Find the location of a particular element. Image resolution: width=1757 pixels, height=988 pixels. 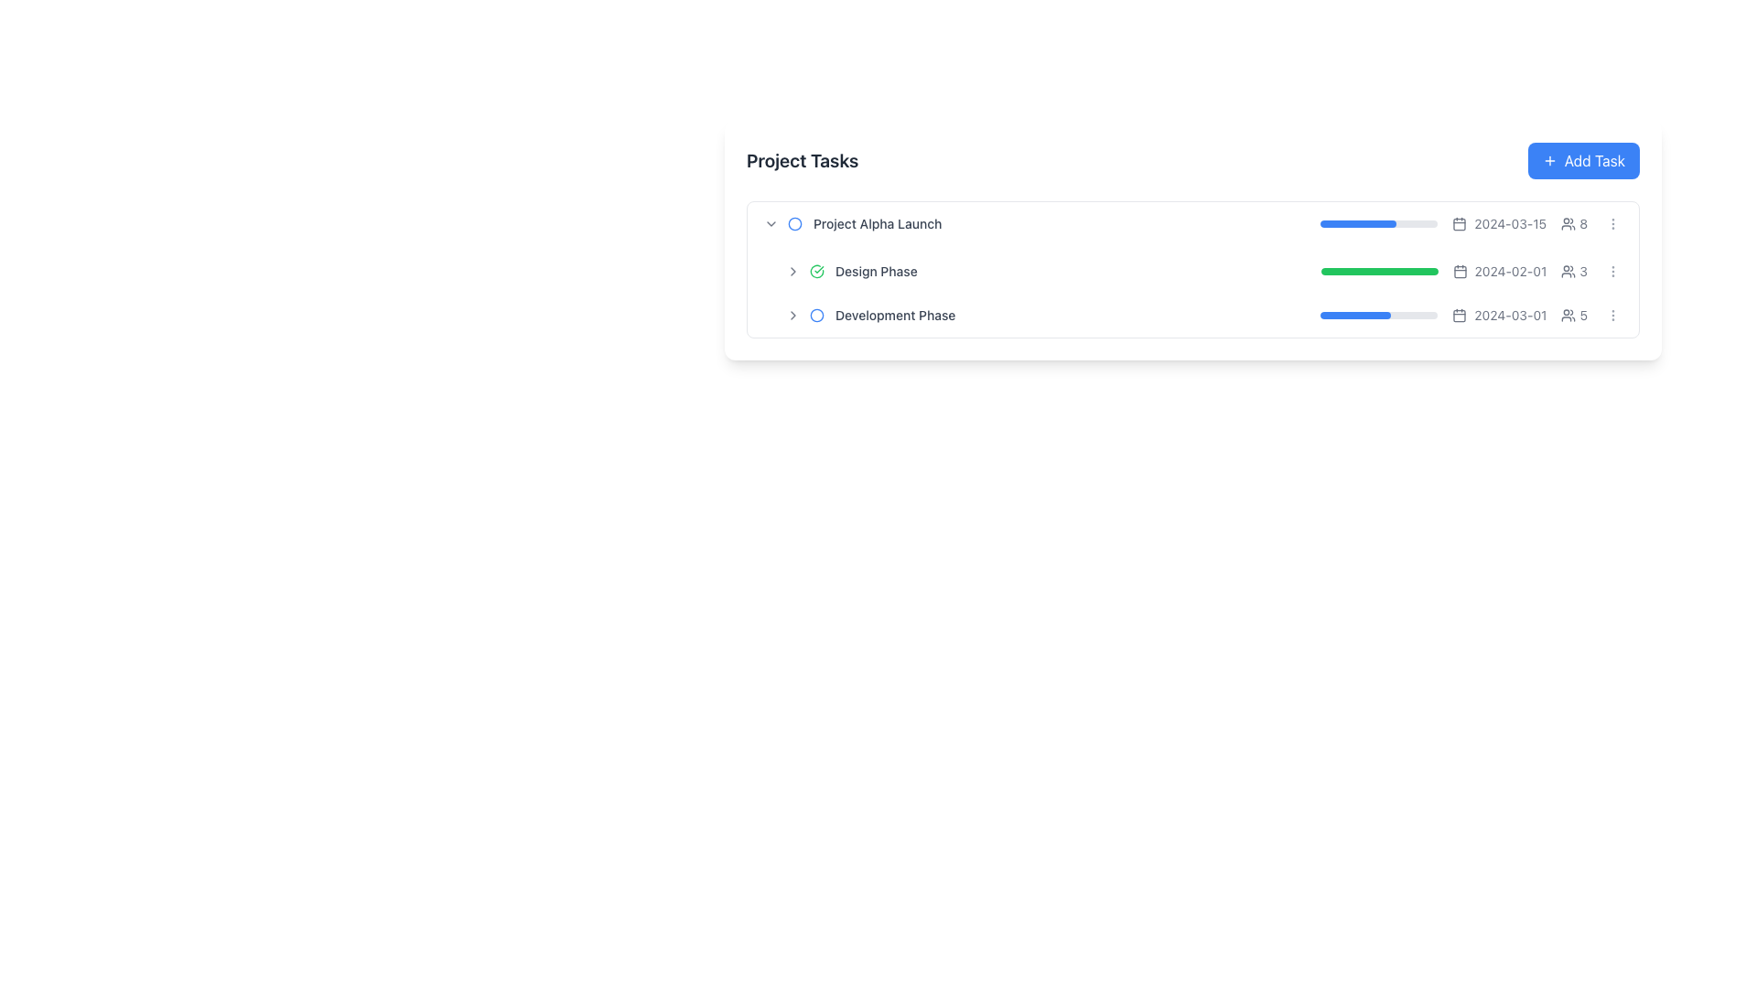

progress level is located at coordinates (1410, 272).